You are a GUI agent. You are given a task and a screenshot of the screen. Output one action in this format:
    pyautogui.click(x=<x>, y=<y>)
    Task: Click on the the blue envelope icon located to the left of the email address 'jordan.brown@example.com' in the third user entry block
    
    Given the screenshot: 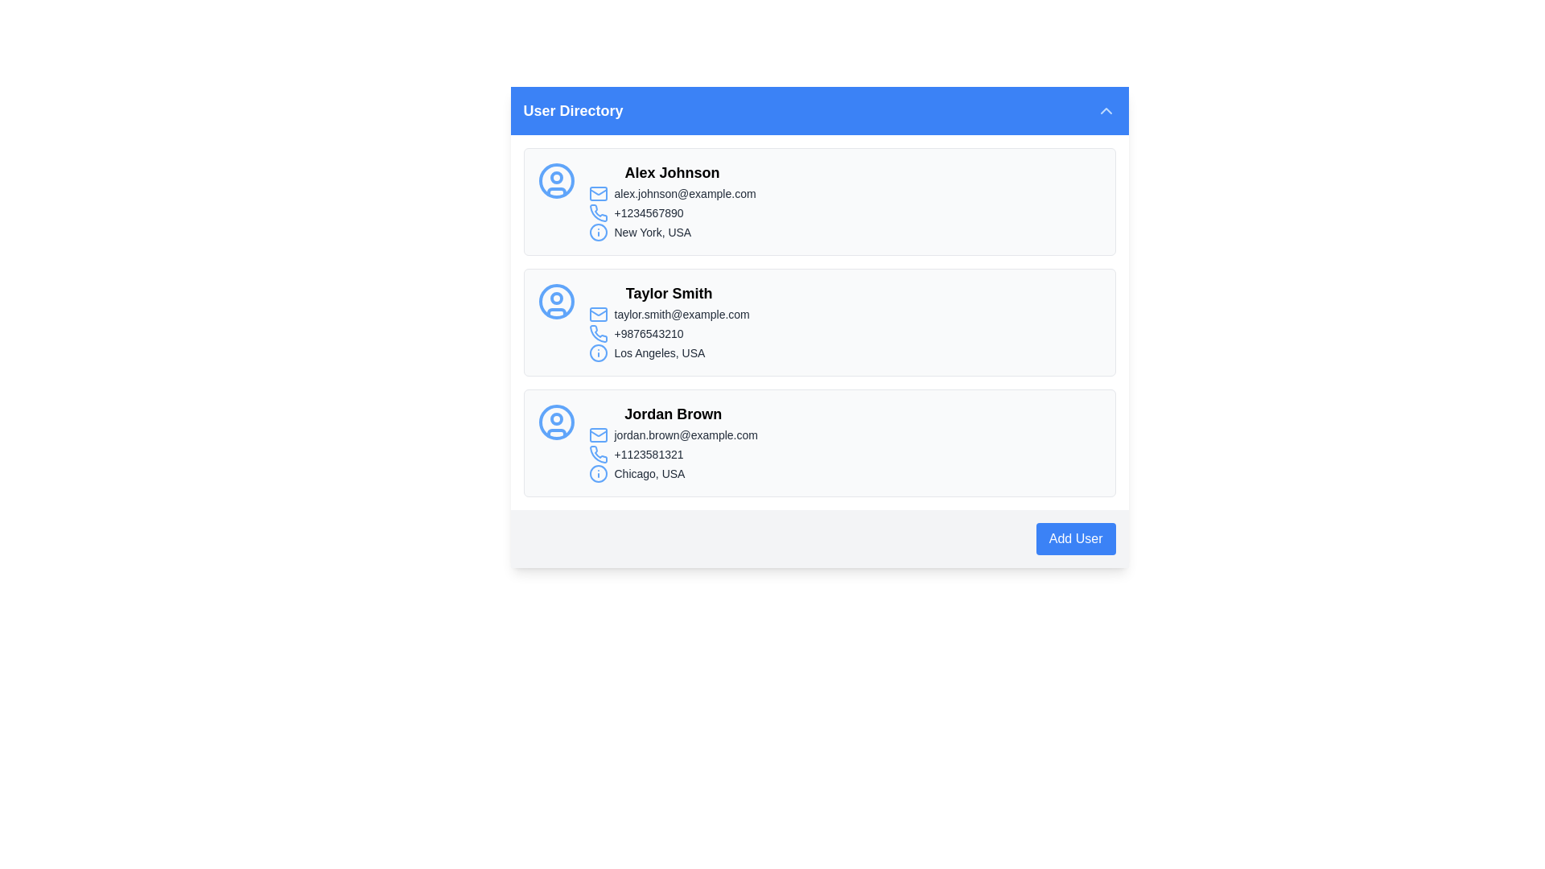 What is the action you would take?
    pyautogui.click(x=597, y=434)
    